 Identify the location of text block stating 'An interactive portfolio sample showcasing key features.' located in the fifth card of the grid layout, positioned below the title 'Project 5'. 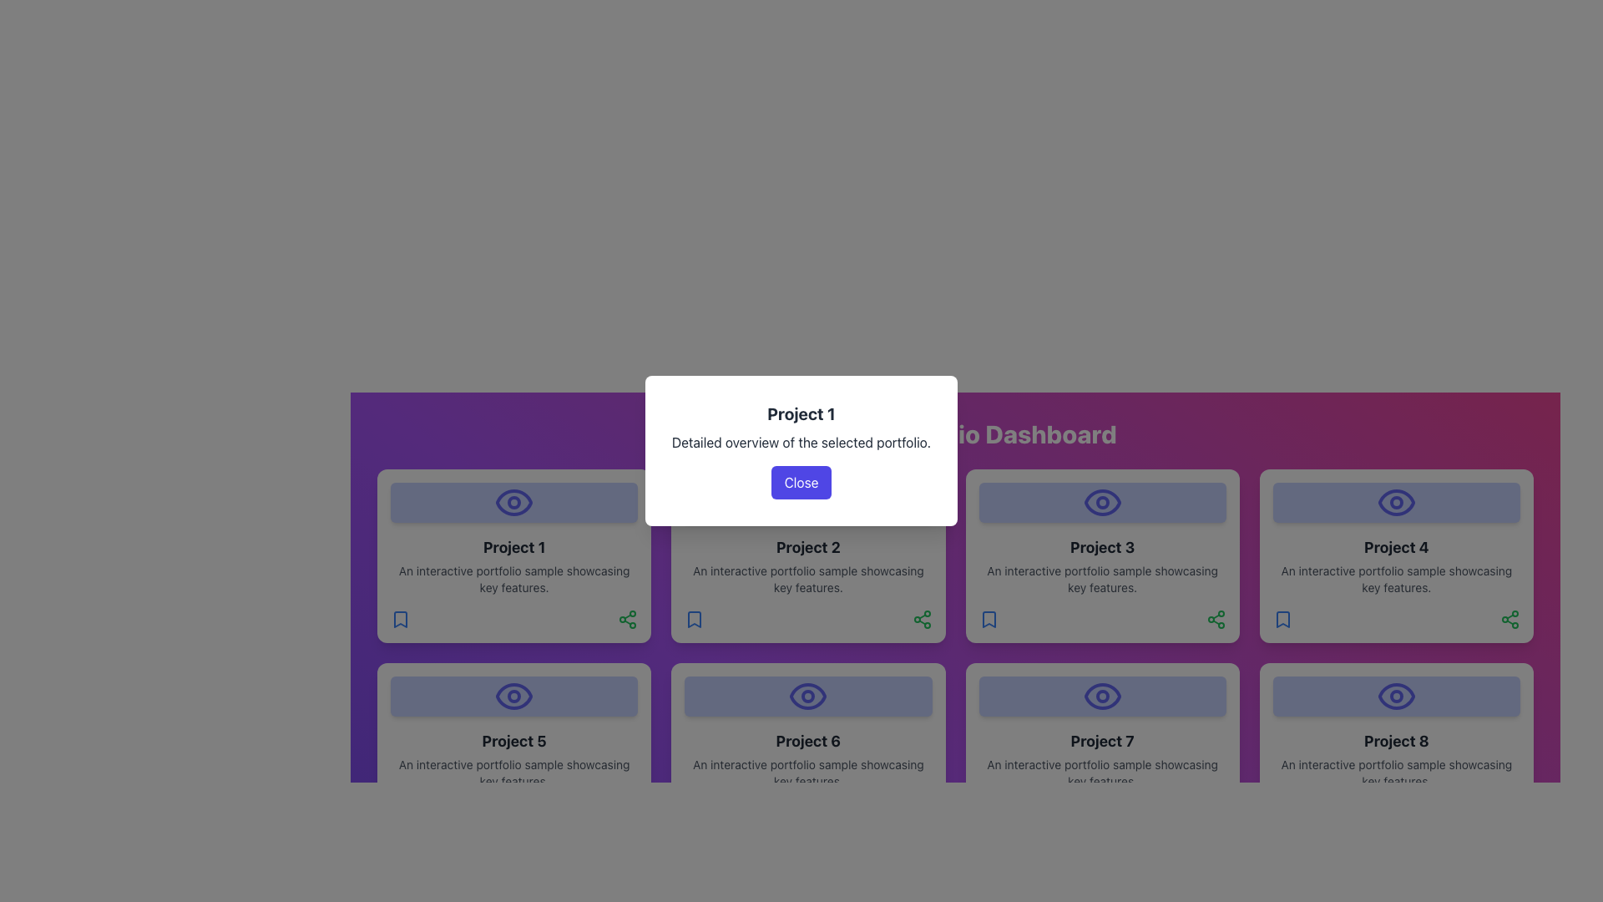
(513, 773).